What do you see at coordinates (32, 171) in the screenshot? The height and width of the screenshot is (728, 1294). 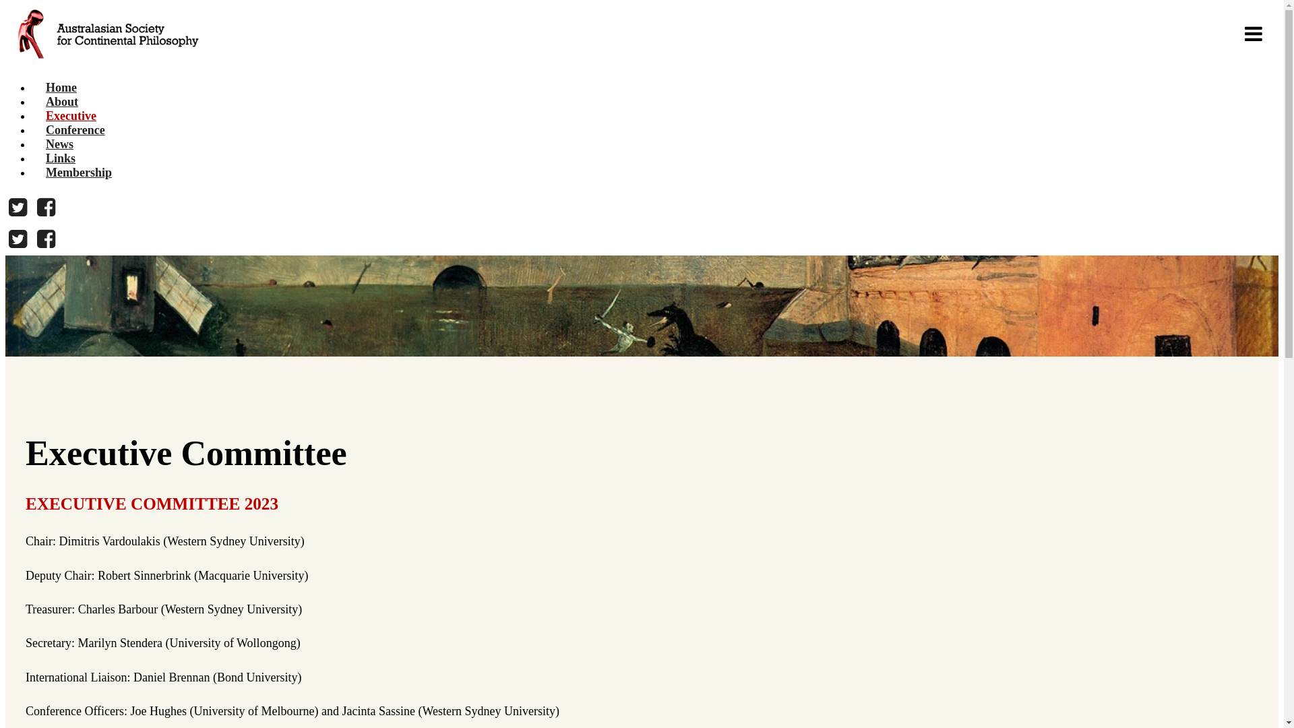 I see `'Membership'` at bounding box center [32, 171].